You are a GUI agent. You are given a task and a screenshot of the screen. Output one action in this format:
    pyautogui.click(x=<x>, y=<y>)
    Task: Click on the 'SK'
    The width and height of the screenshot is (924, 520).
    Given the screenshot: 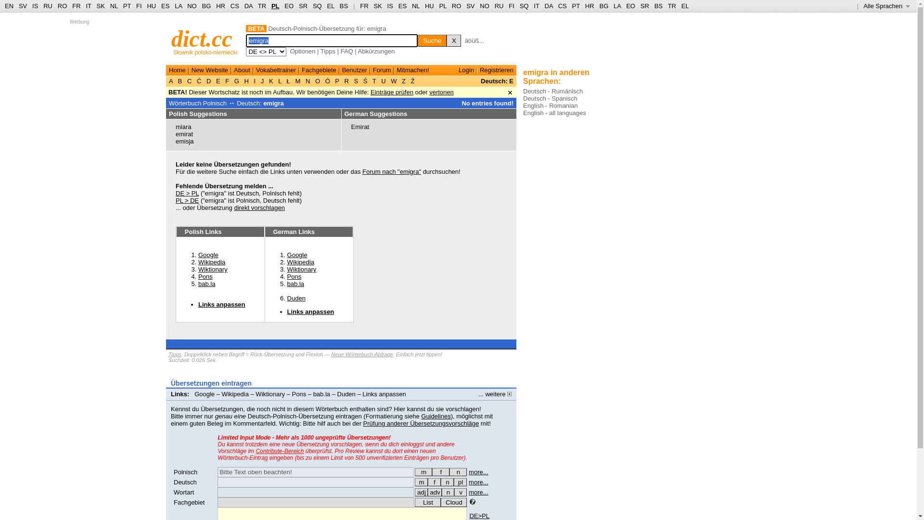 What is the action you would take?
    pyautogui.click(x=377, y=6)
    